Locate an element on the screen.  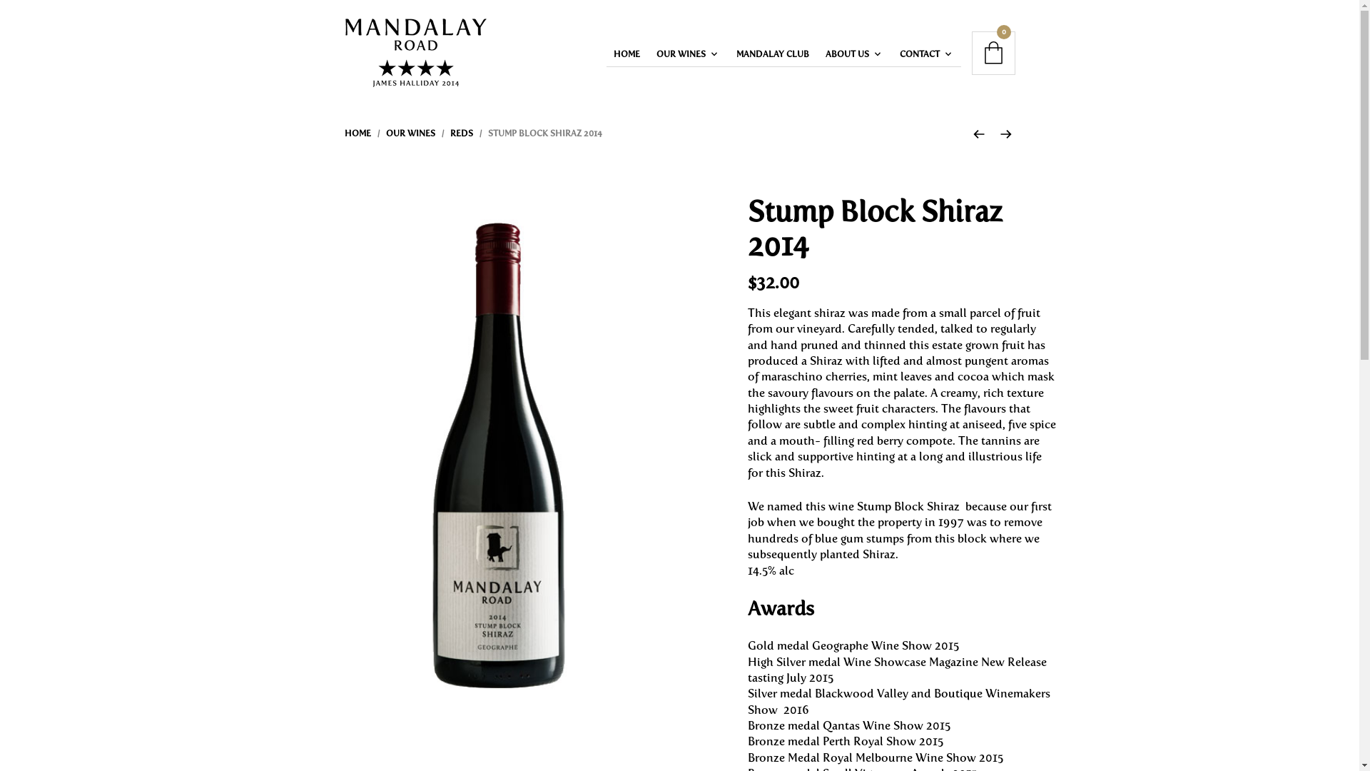
'OUR WINES' is located at coordinates (684, 54).